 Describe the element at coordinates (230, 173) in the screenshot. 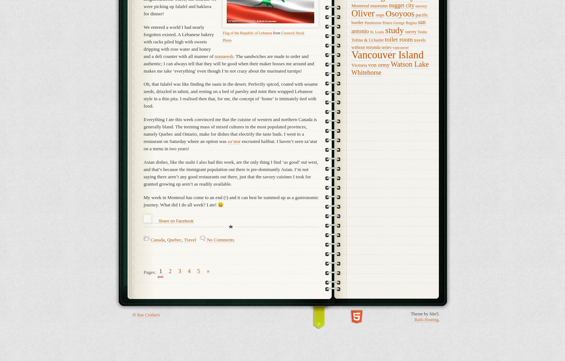

I see `'Asian dishes, like the sushi I also had this week, are the only thing I find ‘as good’ out west, and that’s because the immigrant population out there is pre-dominantly Asian. I’m not saying there aren’t any good restaurants out there, just that the savory cuisines I took for granted growing up aren’t as readily available.'` at that location.